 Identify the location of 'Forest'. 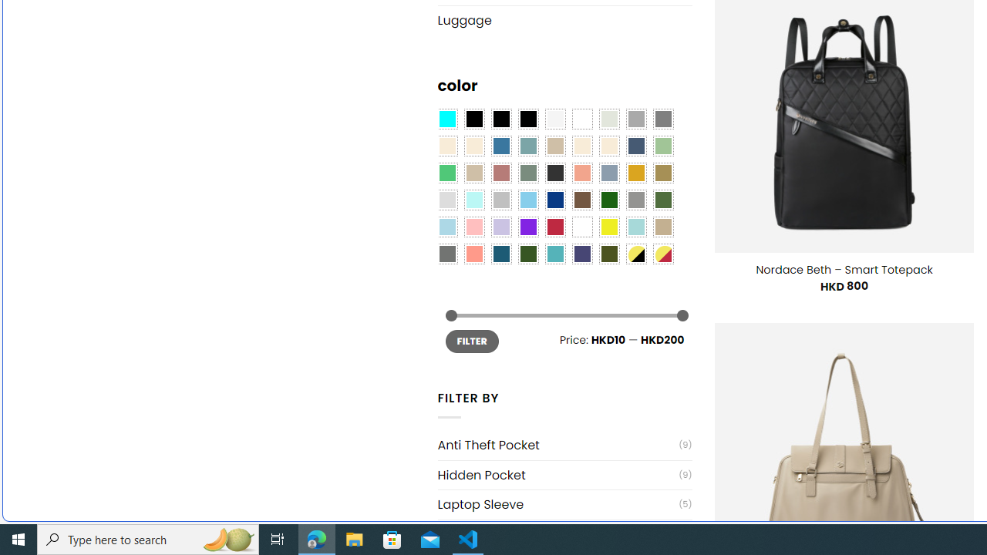
(527, 253).